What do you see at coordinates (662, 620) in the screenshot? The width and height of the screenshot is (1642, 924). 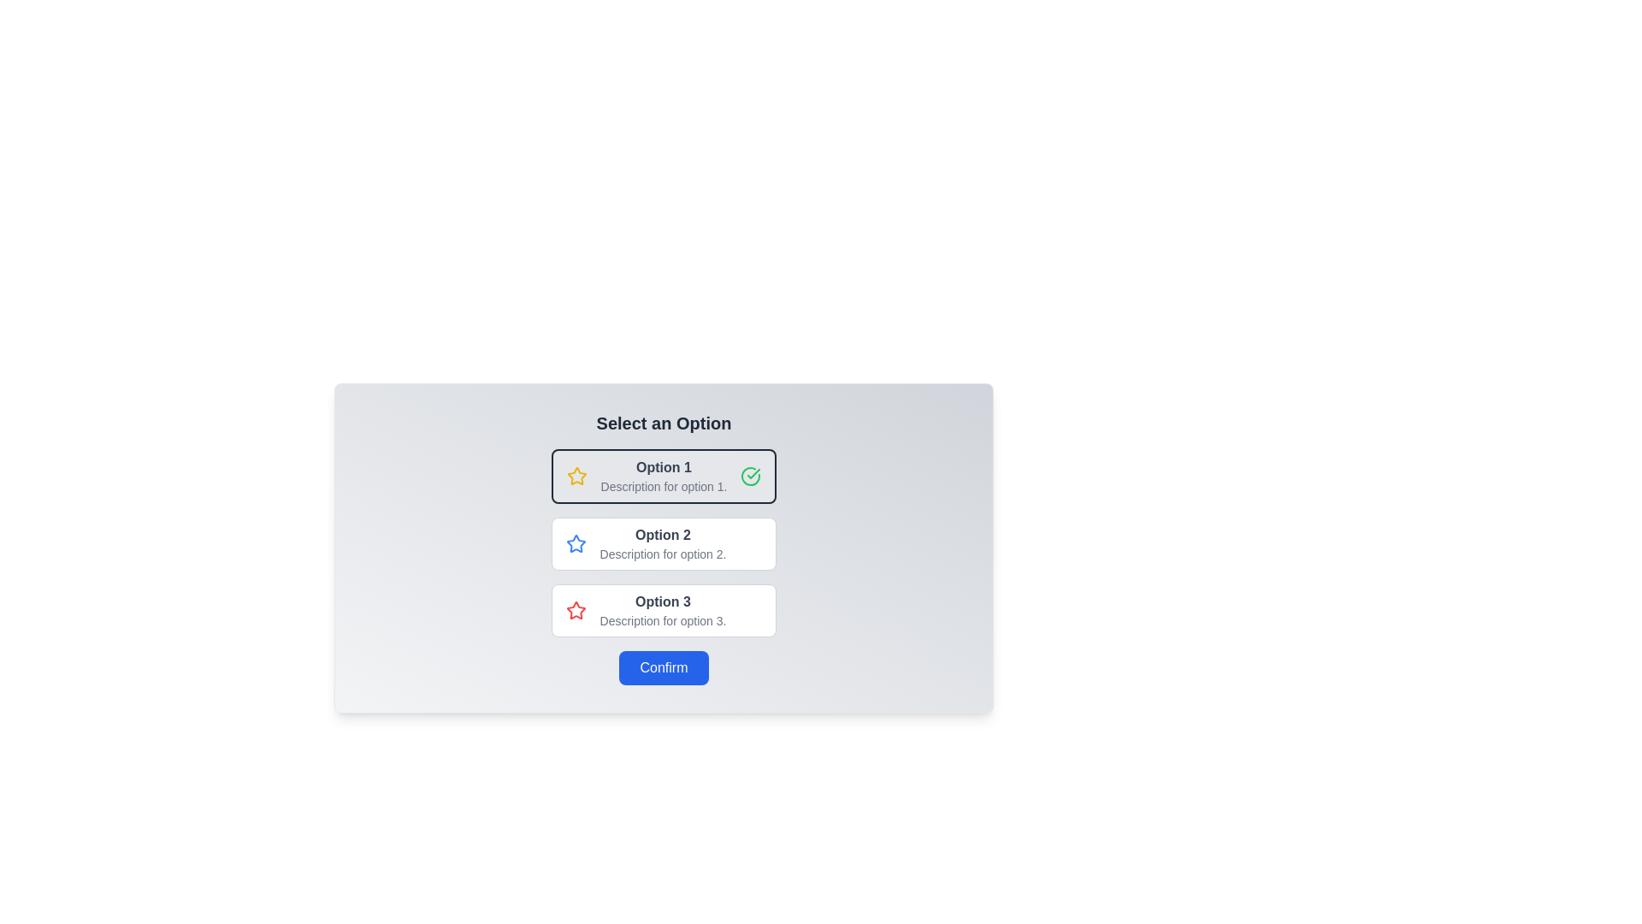 I see `text displayed in the smaller, gray, serif font located directly underneath the 'Option 3' label within the third option card` at bounding box center [662, 620].